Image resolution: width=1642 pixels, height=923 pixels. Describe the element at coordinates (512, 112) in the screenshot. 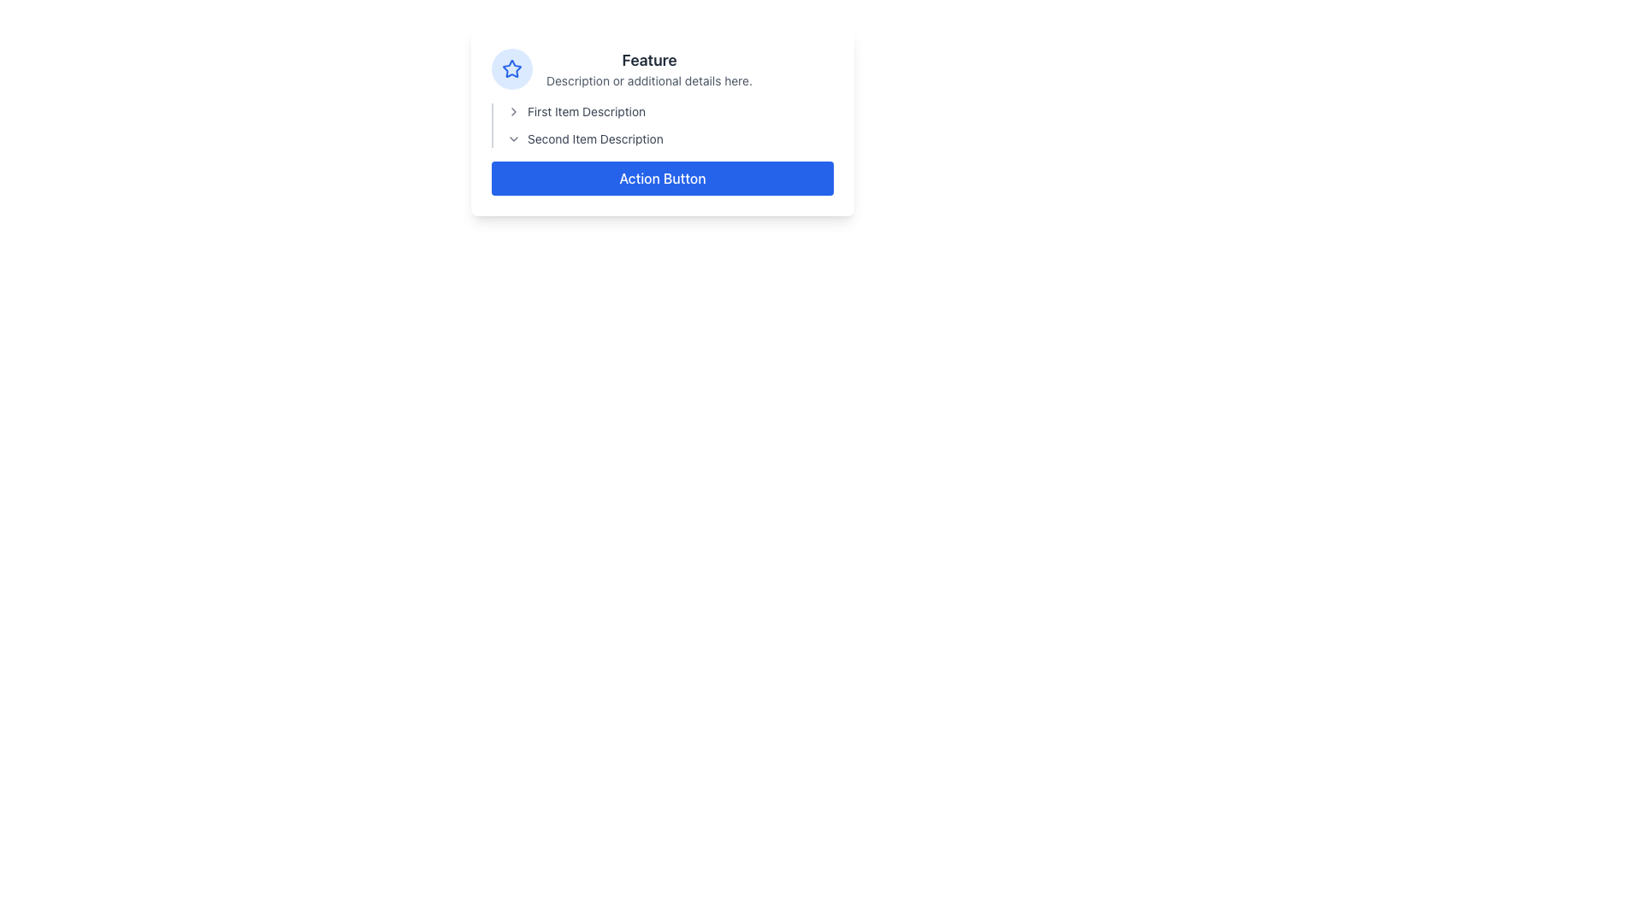

I see `the chevron icon located to the left of the 'First Item Description' text` at that location.